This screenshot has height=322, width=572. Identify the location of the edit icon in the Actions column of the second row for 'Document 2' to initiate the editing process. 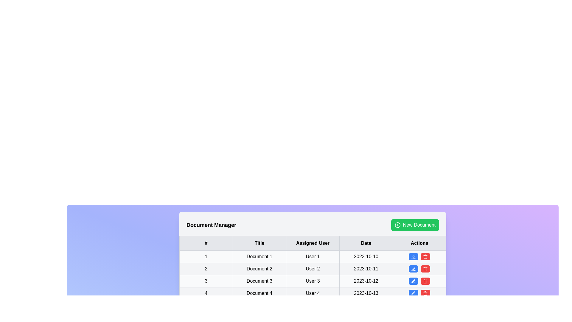
(413, 269).